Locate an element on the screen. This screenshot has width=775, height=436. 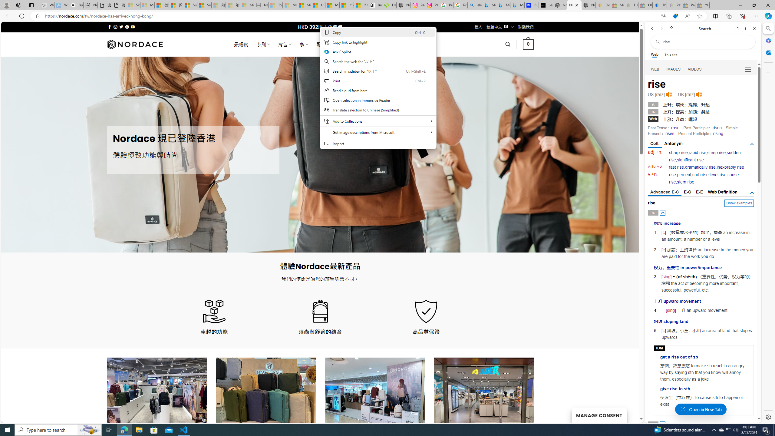
'AutomationID: tgsb' is located at coordinates (752, 144).